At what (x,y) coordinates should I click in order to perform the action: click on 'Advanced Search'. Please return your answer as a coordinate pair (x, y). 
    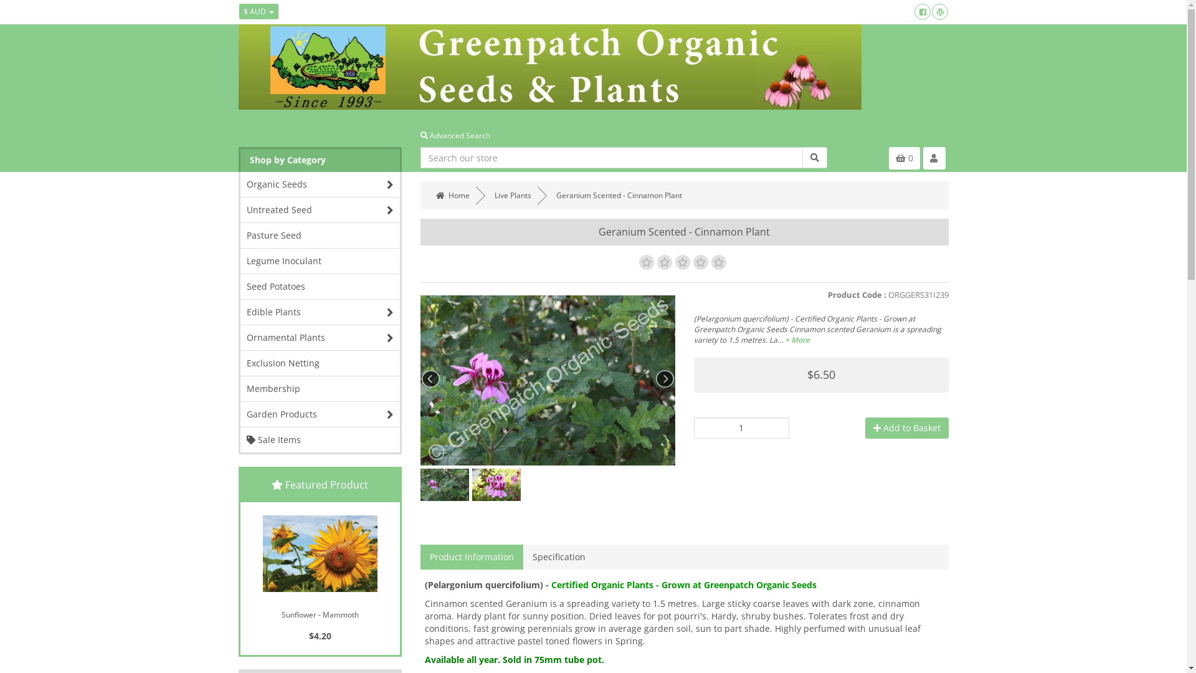
    Looking at the image, I should click on (420, 135).